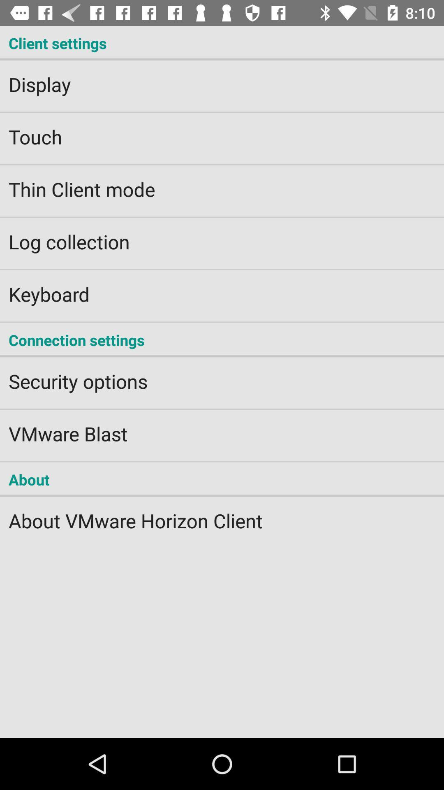 This screenshot has width=444, height=790. Describe the element at coordinates (222, 43) in the screenshot. I see `icon above display icon` at that location.